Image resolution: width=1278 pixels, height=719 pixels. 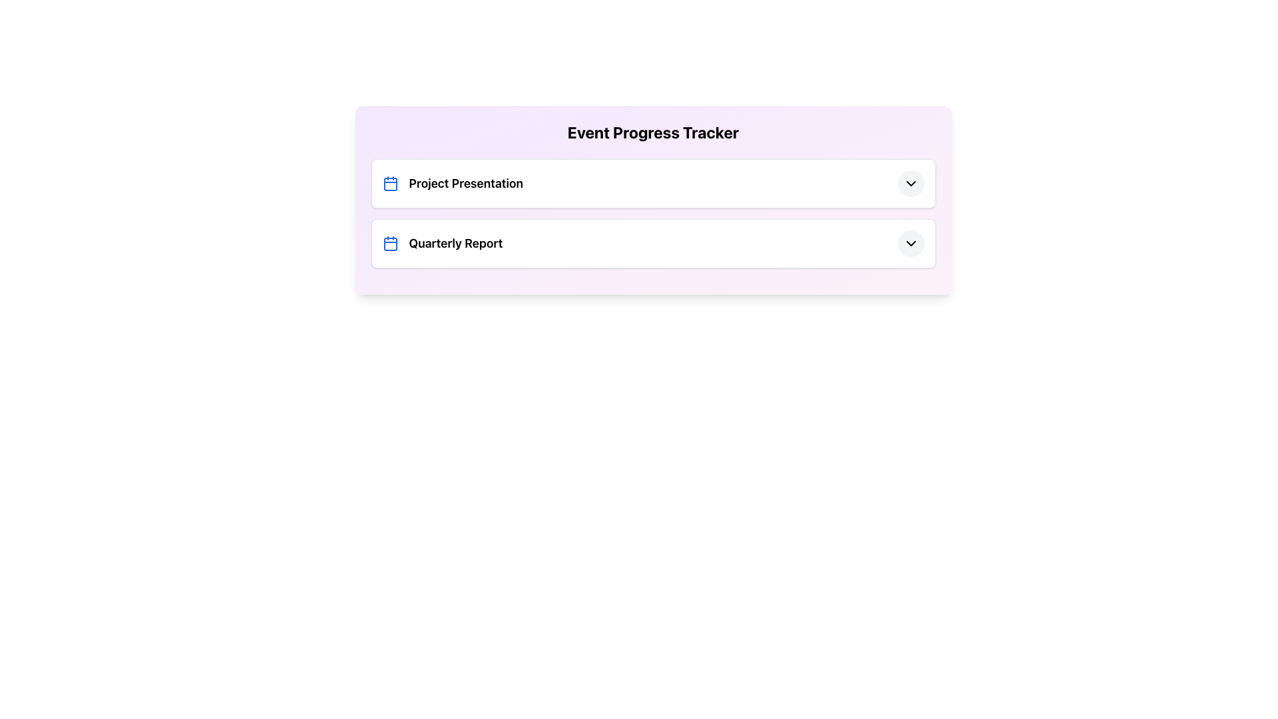 I want to click on the chevron-down icon button located on the right side of the 'Quarterly Report' item, so click(x=910, y=244).